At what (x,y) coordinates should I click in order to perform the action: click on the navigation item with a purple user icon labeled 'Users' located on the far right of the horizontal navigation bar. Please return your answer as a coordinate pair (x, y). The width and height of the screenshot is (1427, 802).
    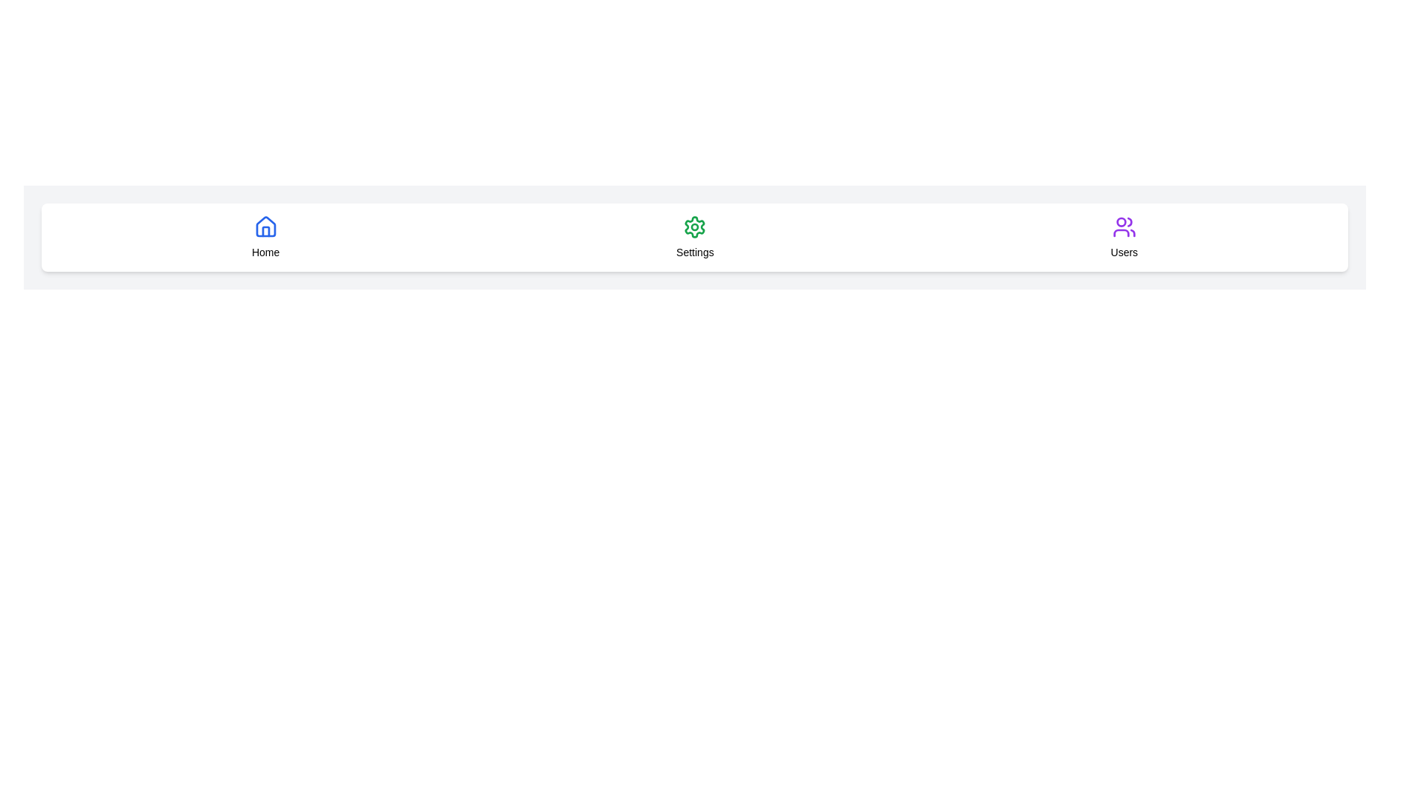
    Looking at the image, I should click on (1124, 237).